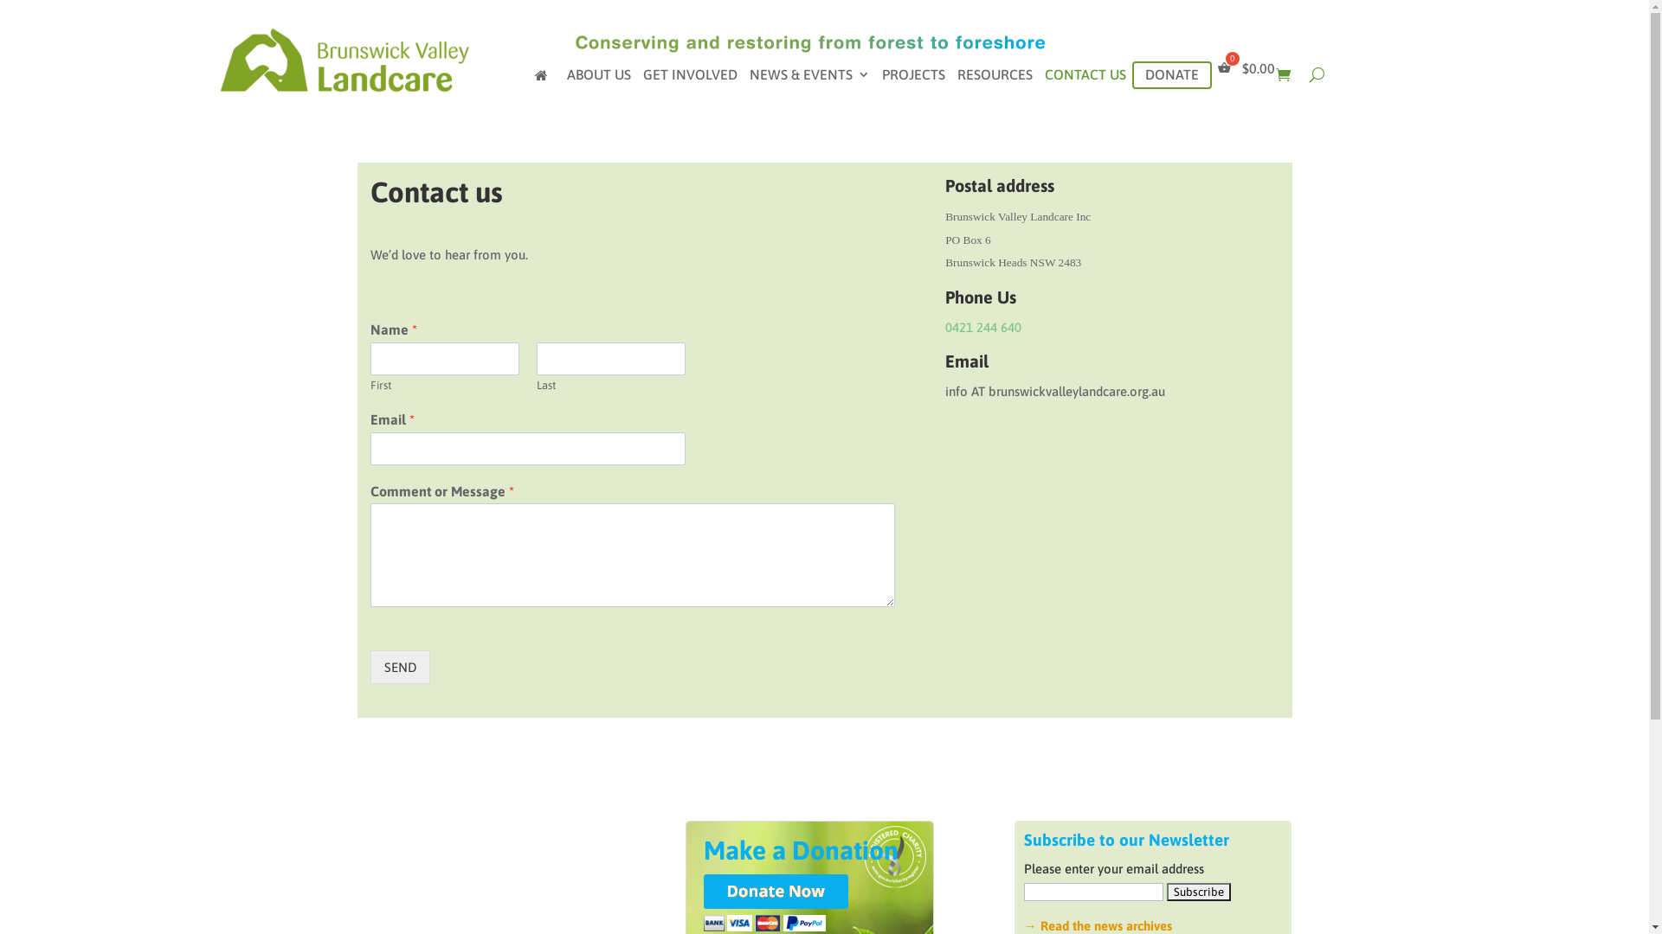 The height and width of the screenshot is (934, 1662). What do you see at coordinates (598, 76) in the screenshot?
I see `'ABOUT US'` at bounding box center [598, 76].